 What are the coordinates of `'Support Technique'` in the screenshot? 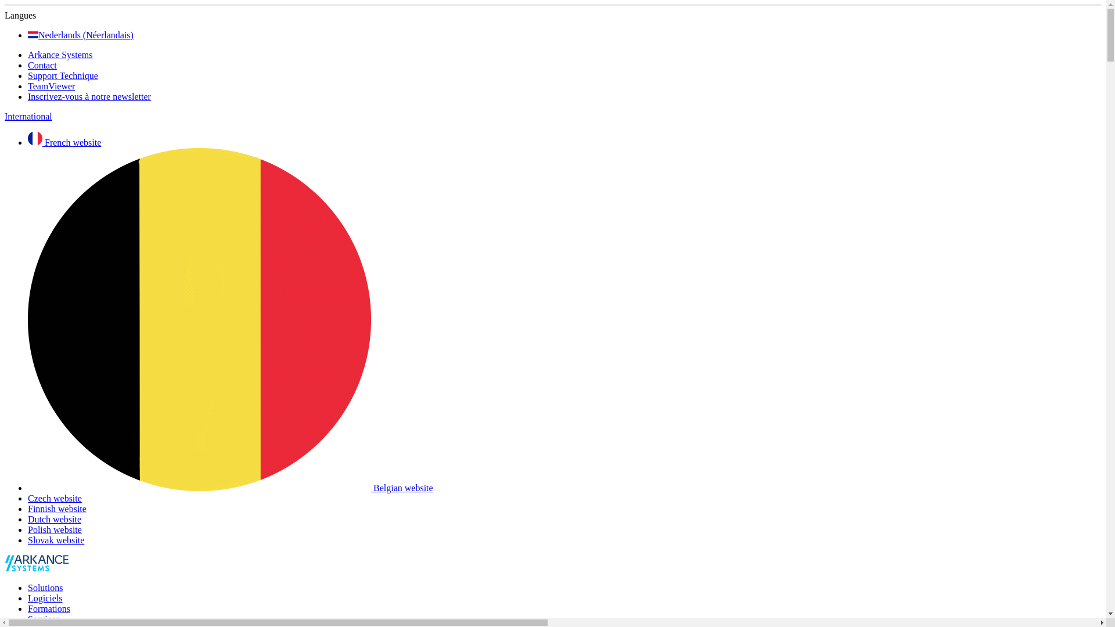 It's located at (28, 75).